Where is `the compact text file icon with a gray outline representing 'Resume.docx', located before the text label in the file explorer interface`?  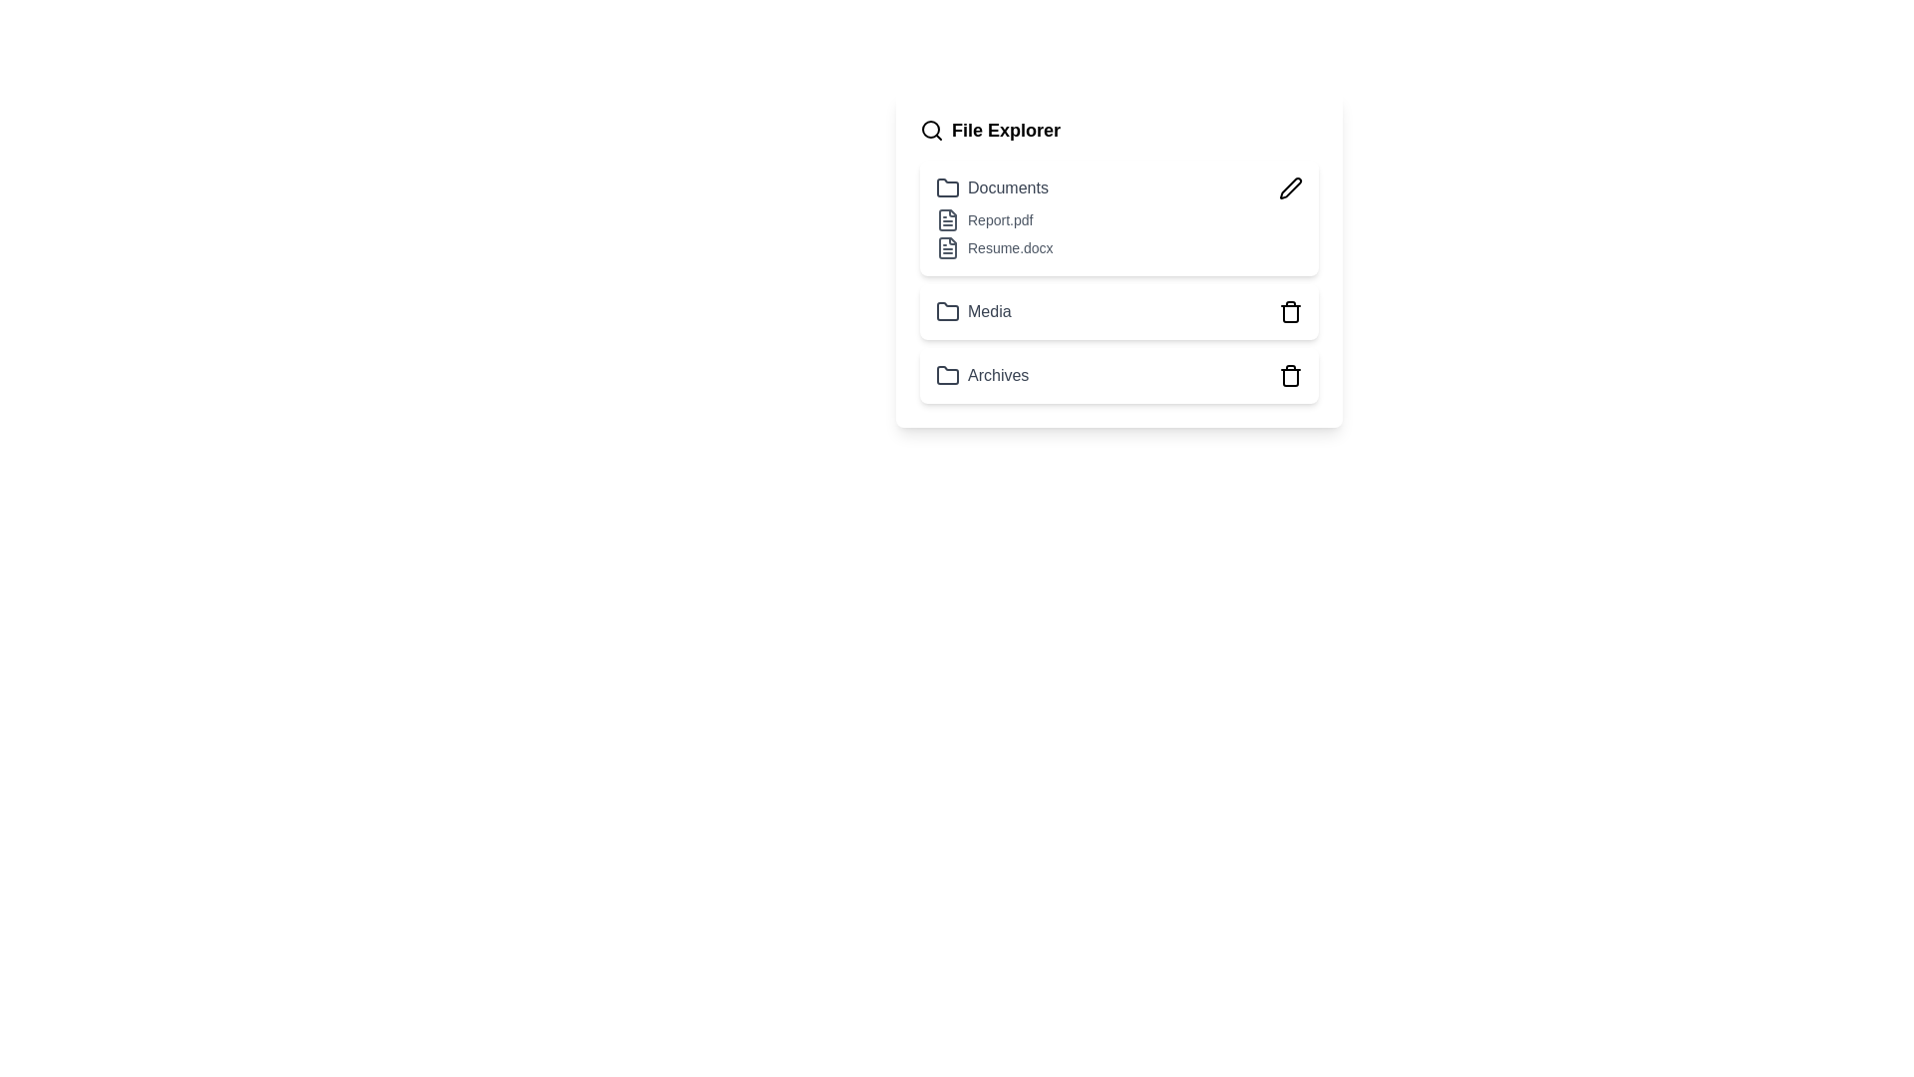 the compact text file icon with a gray outline representing 'Resume.docx', located before the text label in the file explorer interface is located at coordinates (946, 247).